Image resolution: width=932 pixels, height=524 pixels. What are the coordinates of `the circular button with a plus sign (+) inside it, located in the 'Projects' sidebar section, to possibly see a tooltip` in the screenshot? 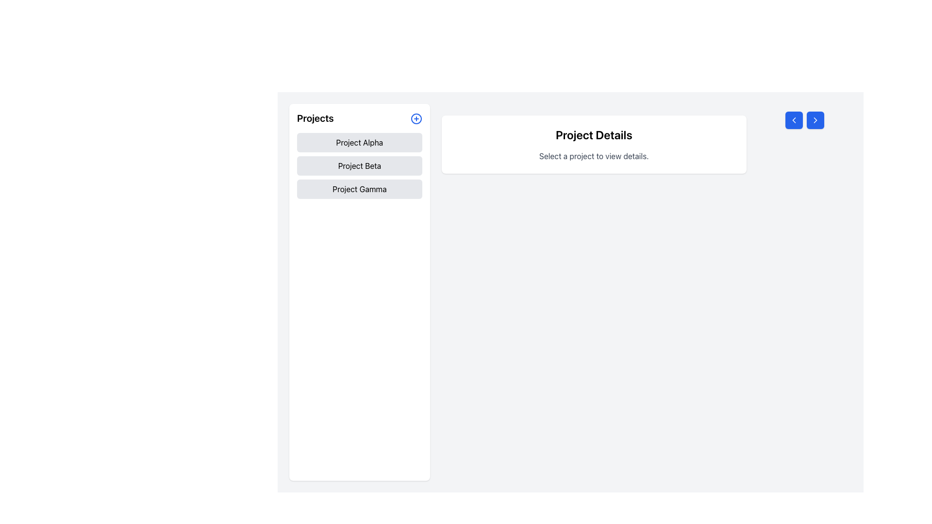 It's located at (416, 118).